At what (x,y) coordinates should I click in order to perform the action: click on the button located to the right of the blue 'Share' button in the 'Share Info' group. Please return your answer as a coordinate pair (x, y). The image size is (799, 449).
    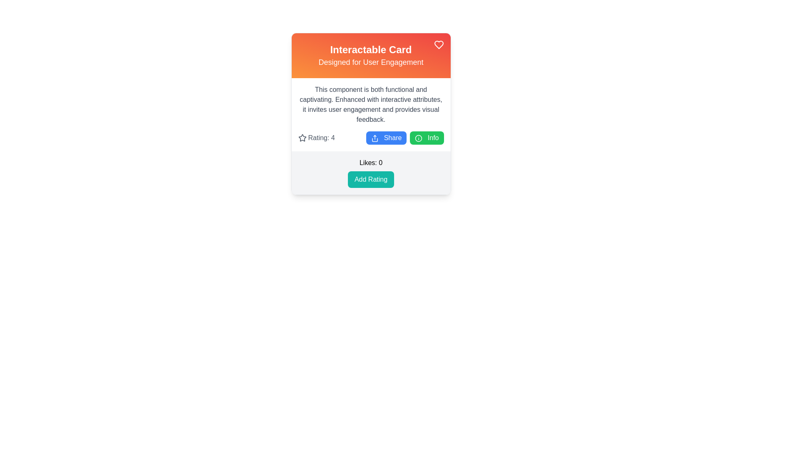
    Looking at the image, I should click on (427, 137).